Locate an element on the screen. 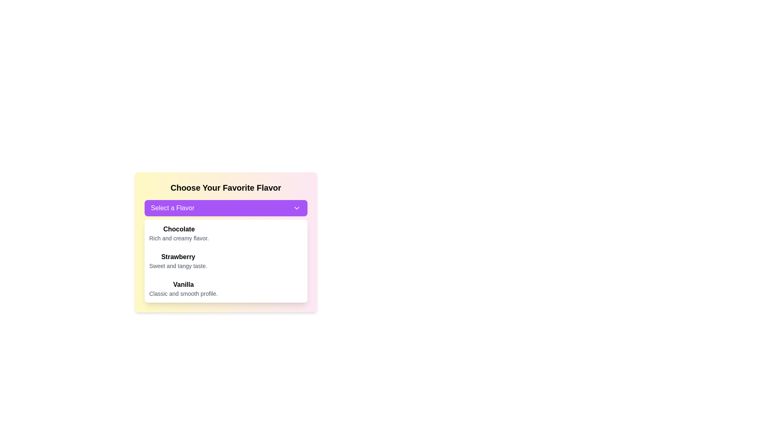  the first list item is located at coordinates (178, 233).